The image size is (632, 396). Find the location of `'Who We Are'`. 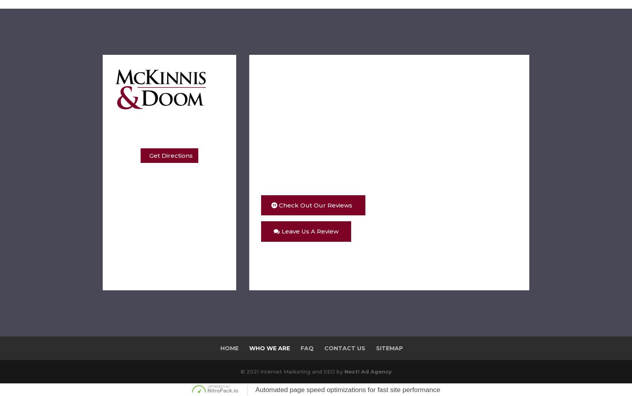

'Who We Are' is located at coordinates (269, 348).